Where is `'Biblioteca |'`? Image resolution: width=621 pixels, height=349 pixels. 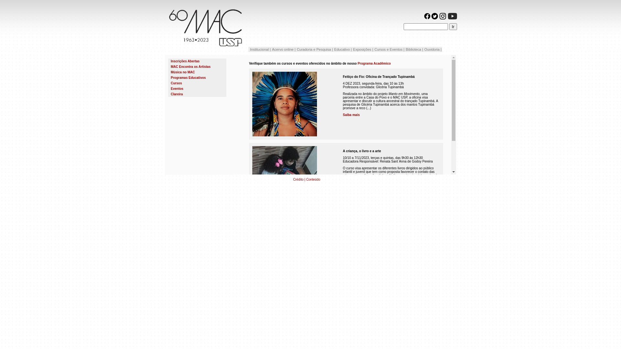 'Biblioteca |' is located at coordinates (414, 49).